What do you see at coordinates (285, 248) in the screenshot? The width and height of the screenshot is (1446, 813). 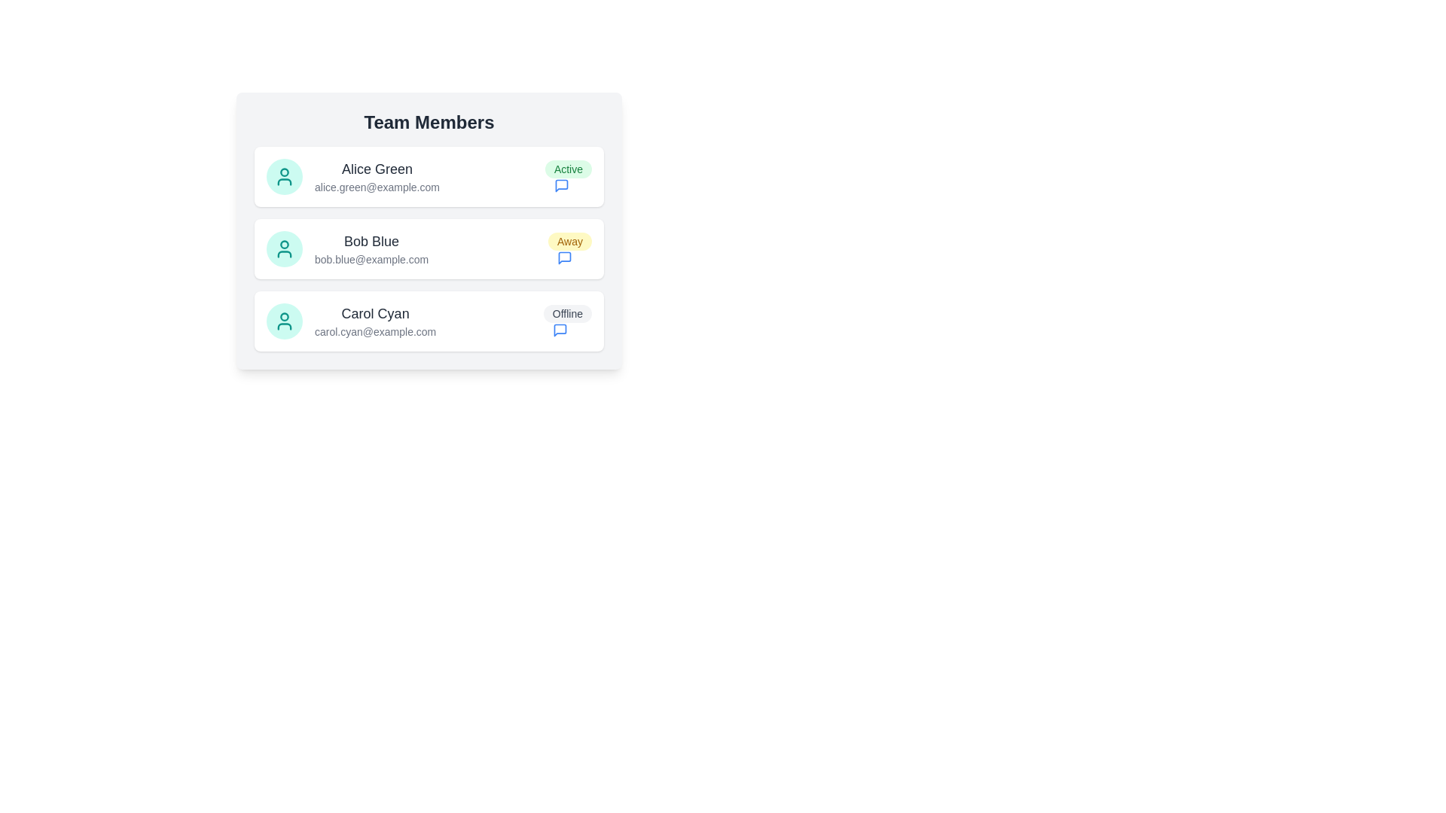 I see `the user identification icon for 'Bob Blue', which is represented as an SVG icon within a light teal circular background, located to the left of the text 'Bob Blue' and the email 'bob.blue@example.com'` at bounding box center [285, 248].